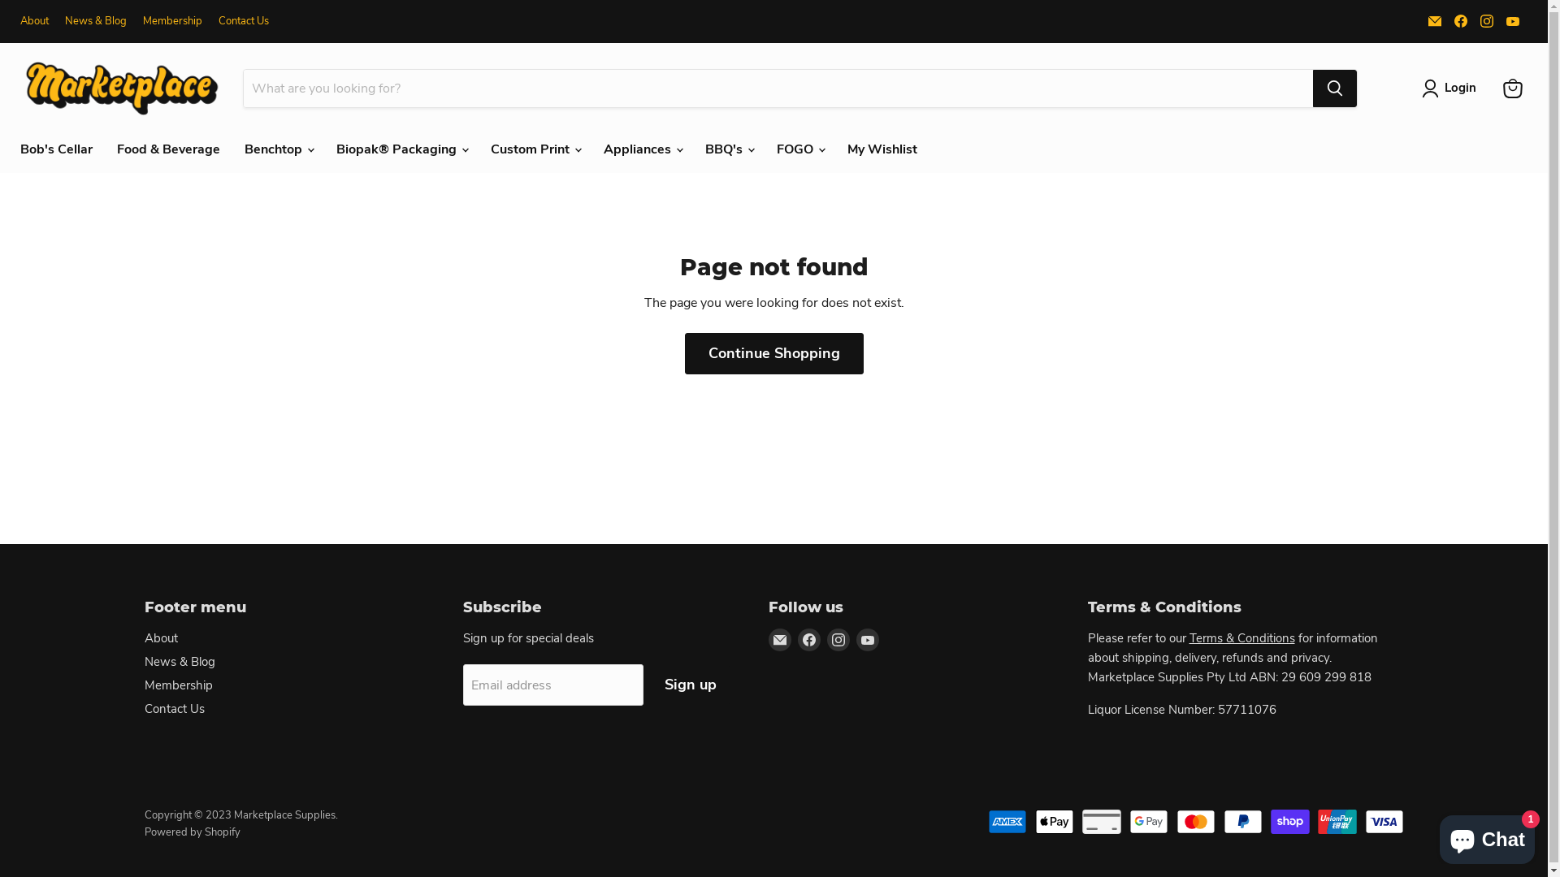  What do you see at coordinates (172, 21) in the screenshot?
I see `'Membership'` at bounding box center [172, 21].